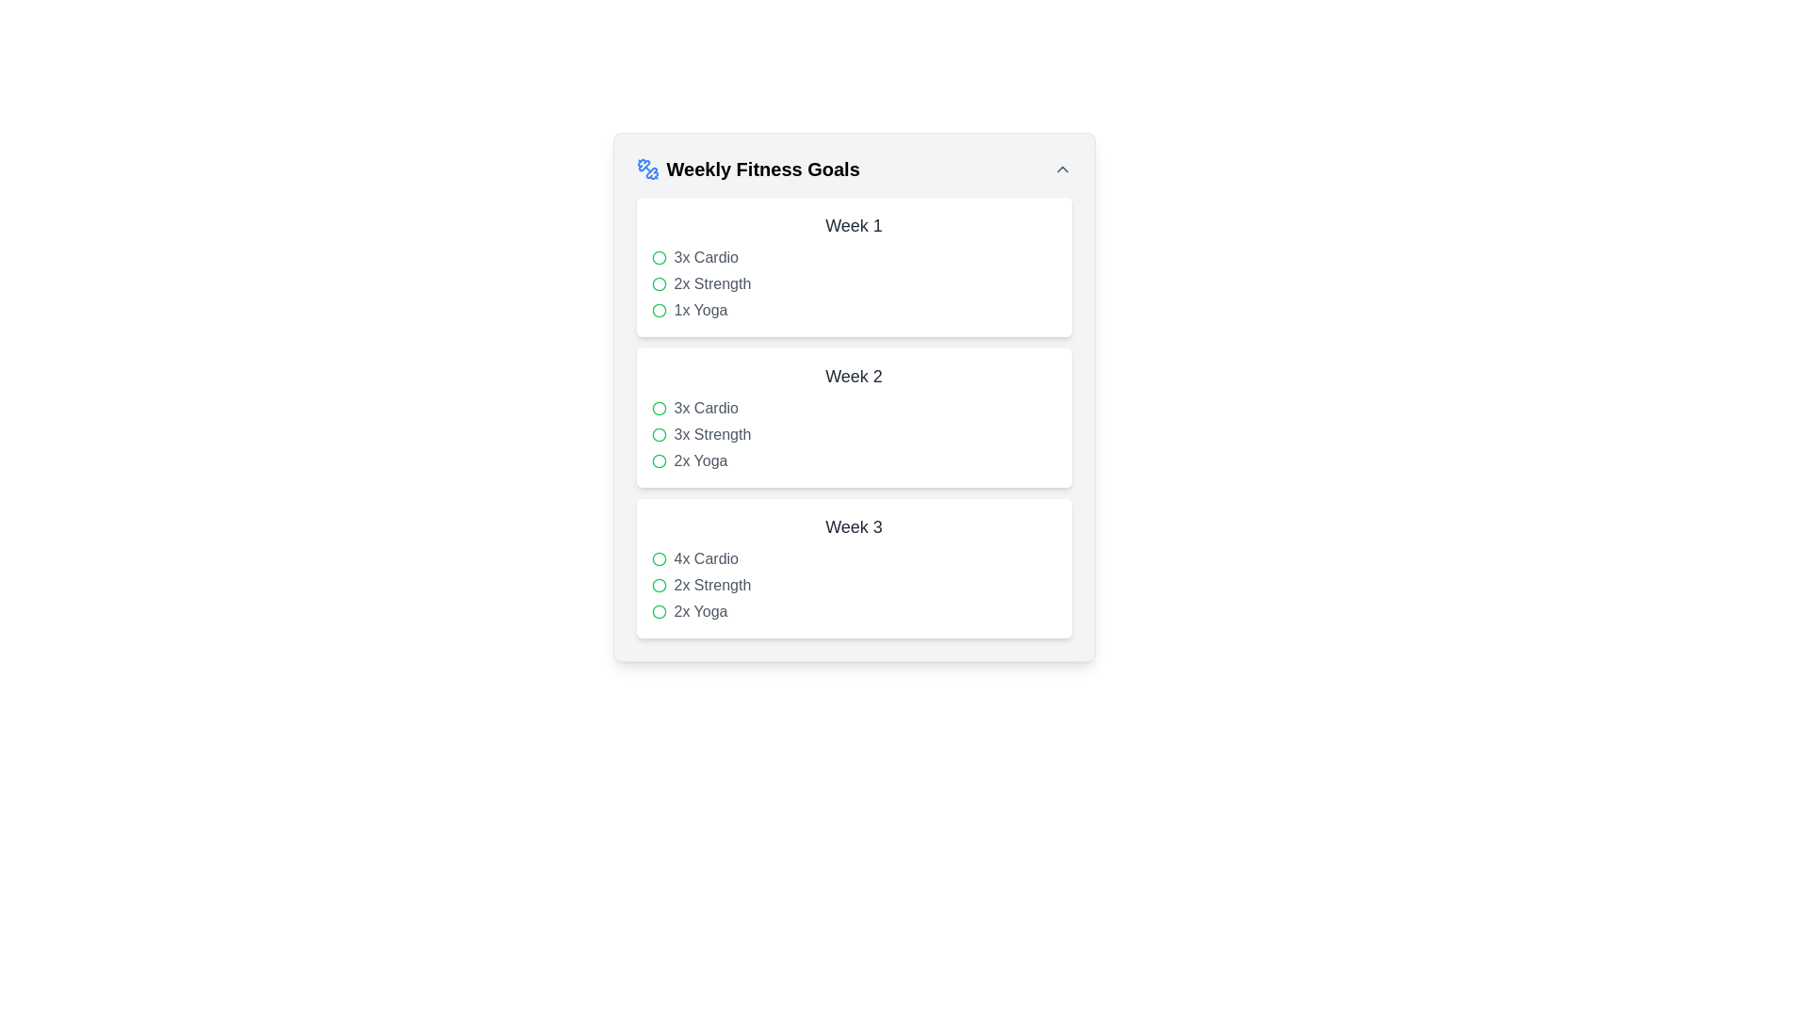 The width and height of the screenshot is (1809, 1017). What do you see at coordinates (659, 612) in the screenshot?
I see `the status icon located to the immediate left of the text '2x Yoga' in the weekly goals list under 'Week 3' to change its status or reveal information` at bounding box center [659, 612].